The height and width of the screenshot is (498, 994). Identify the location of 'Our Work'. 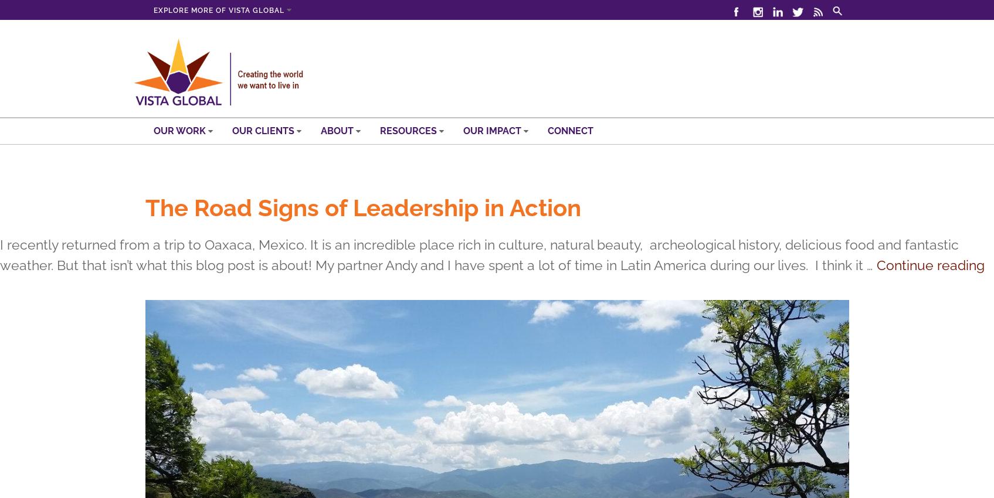
(180, 130).